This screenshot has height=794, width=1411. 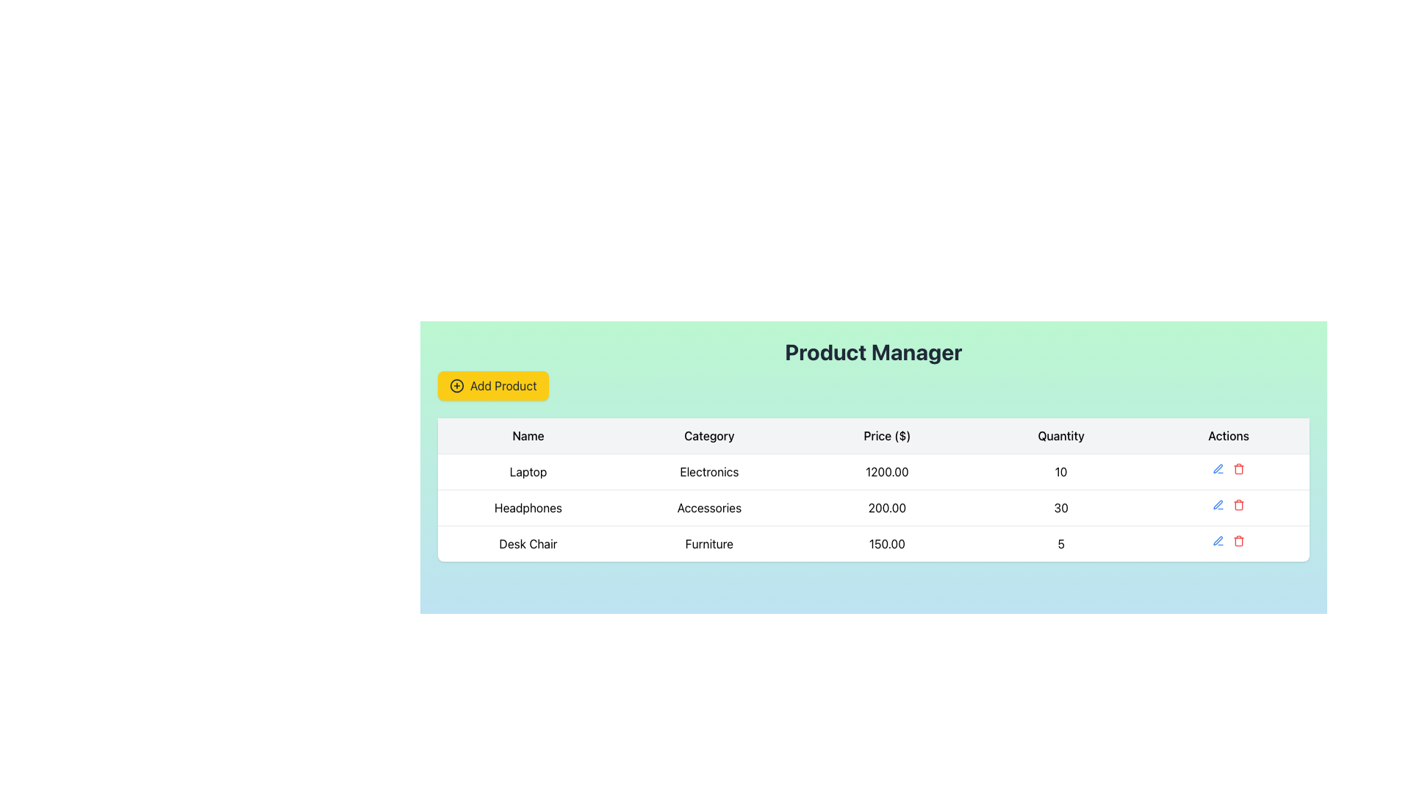 What do you see at coordinates (709, 435) in the screenshot?
I see `the 'Category' text label in the table header, which is the second column header located between 'Name' and 'Price ($)'` at bounding box center [709, 435].